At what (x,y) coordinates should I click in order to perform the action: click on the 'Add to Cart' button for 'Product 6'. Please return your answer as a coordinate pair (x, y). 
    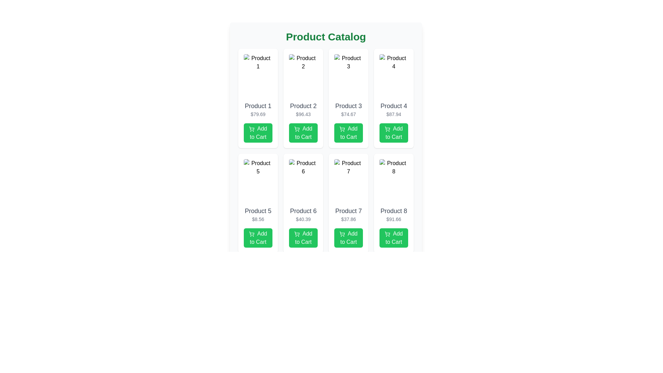
    Looking at the image, I should click on (303, 238).